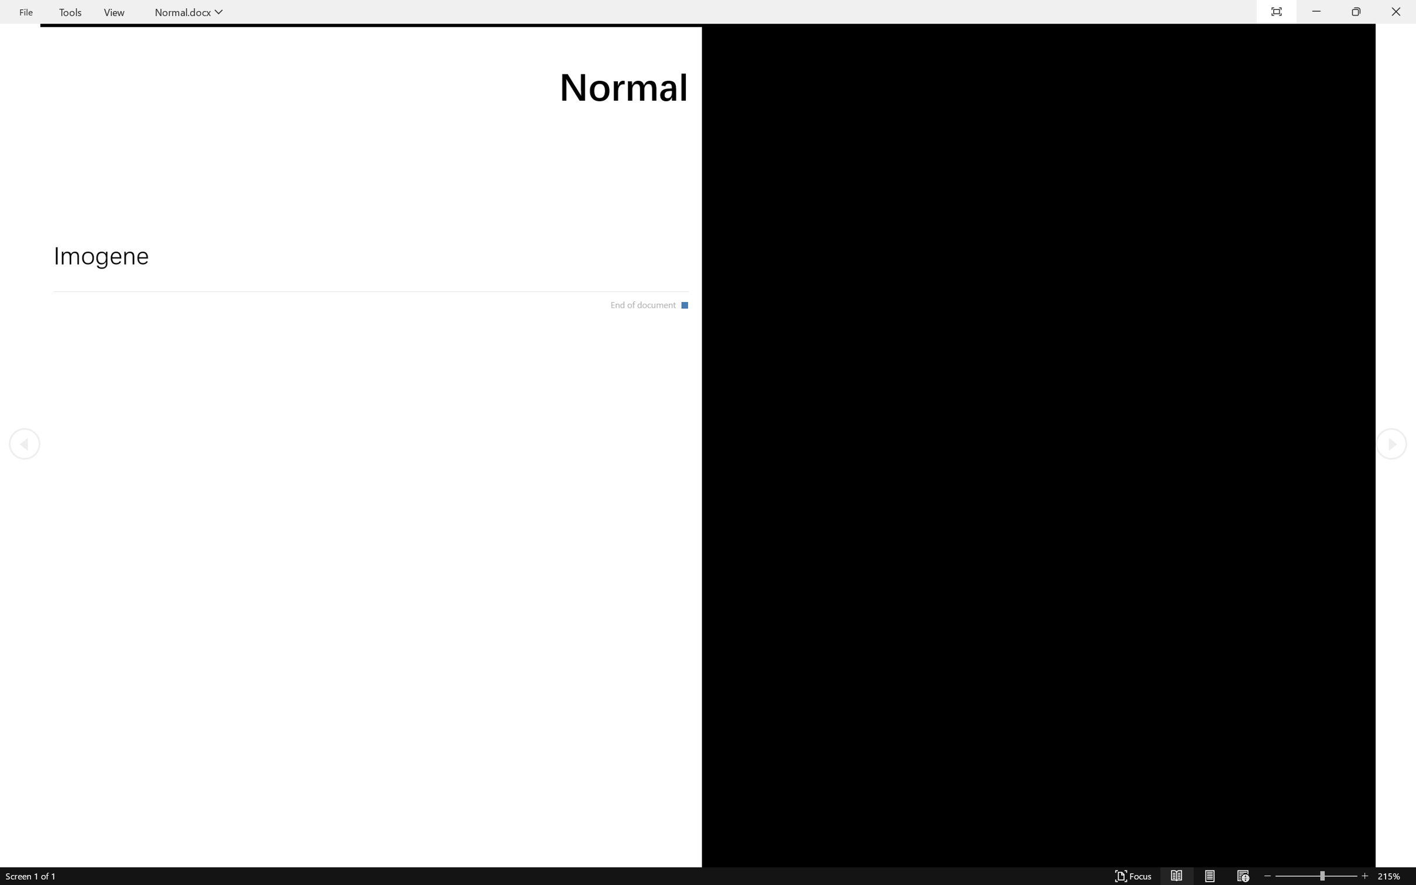  Describe the element at coordinates (415, 73) in the screenshot. I see `'Columns'` at that location.